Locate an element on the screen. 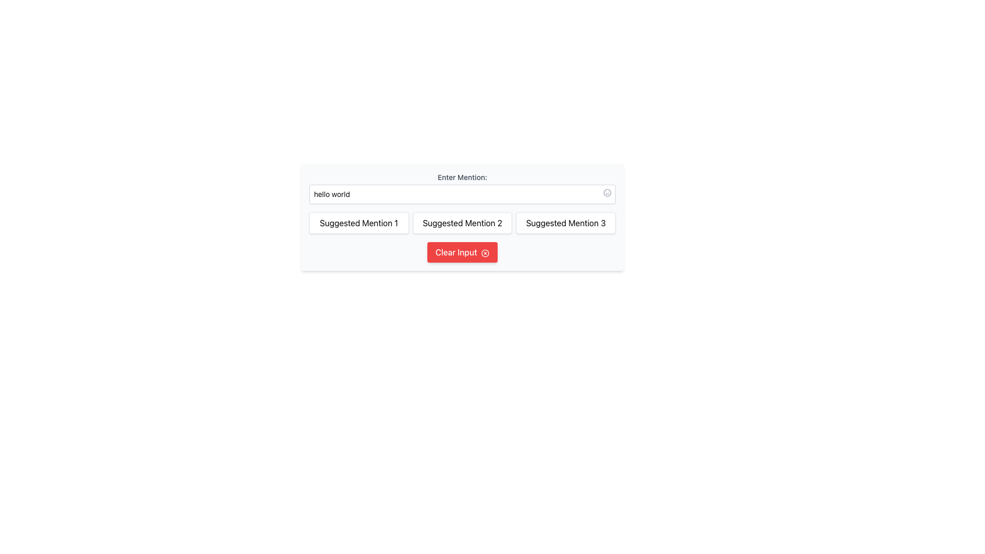  the button that clears the input field, located below the 'Suggested Mention 2' button, to observe hover effects is located at coordinates (462, 252).